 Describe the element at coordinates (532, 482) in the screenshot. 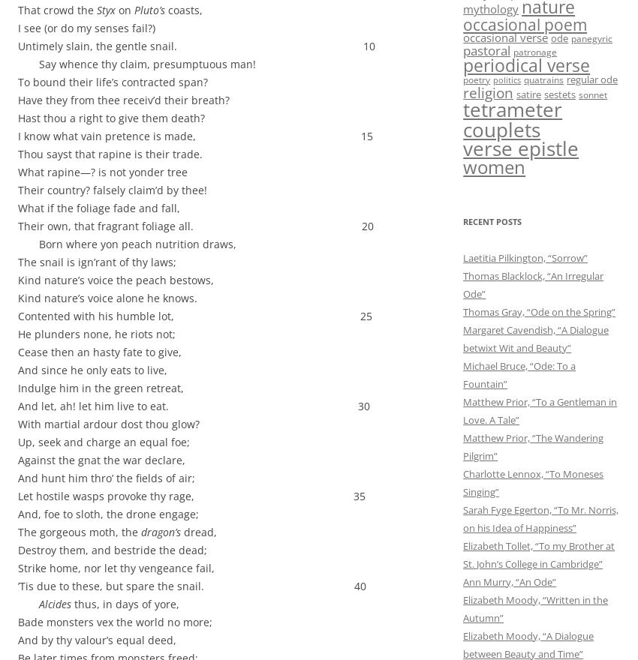

I see `'Charlotte Lennox, “To Moneses Singing”'` at that location.